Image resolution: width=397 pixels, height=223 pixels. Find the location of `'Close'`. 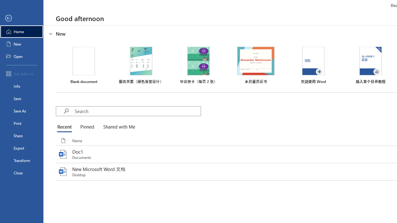

'Close' is located at coordinates (21, 173).